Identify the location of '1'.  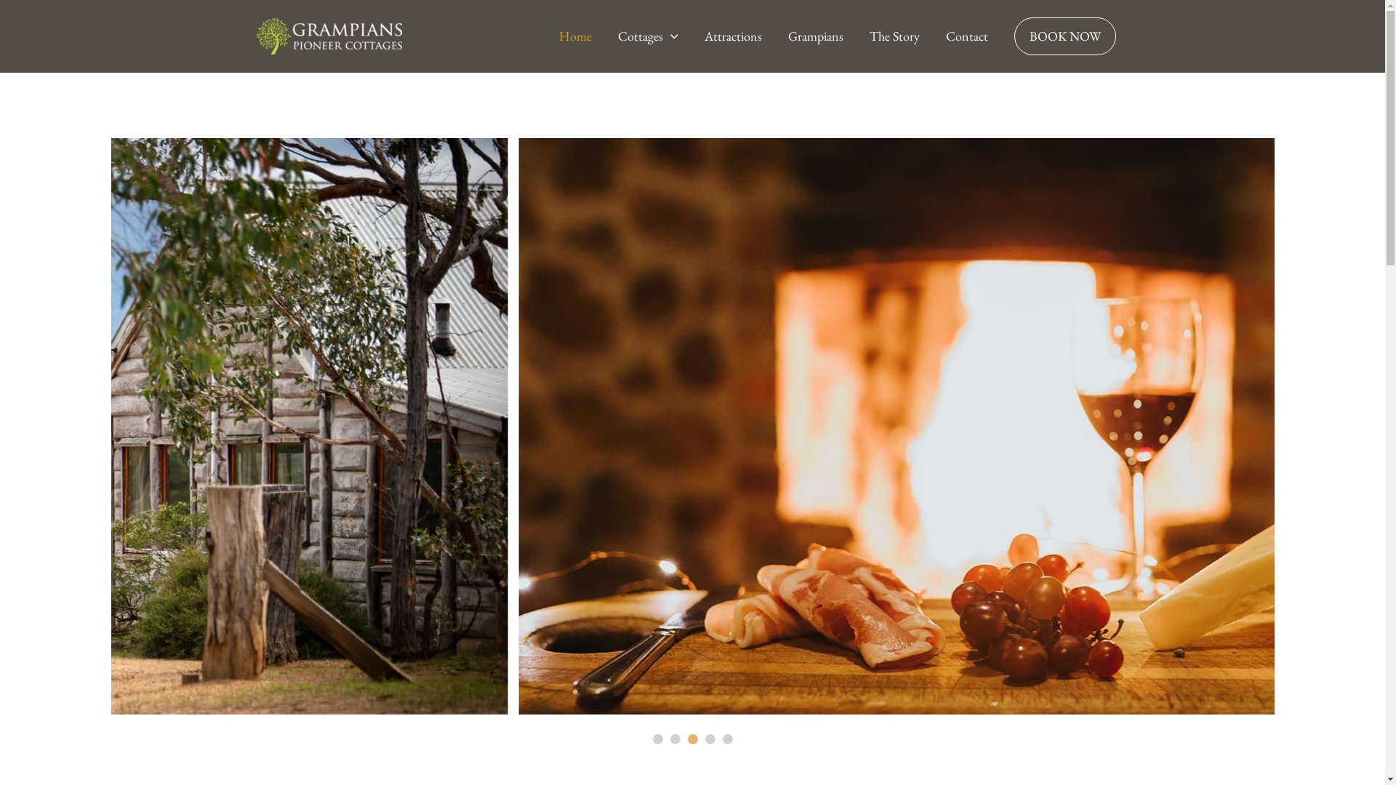
(649, 740).